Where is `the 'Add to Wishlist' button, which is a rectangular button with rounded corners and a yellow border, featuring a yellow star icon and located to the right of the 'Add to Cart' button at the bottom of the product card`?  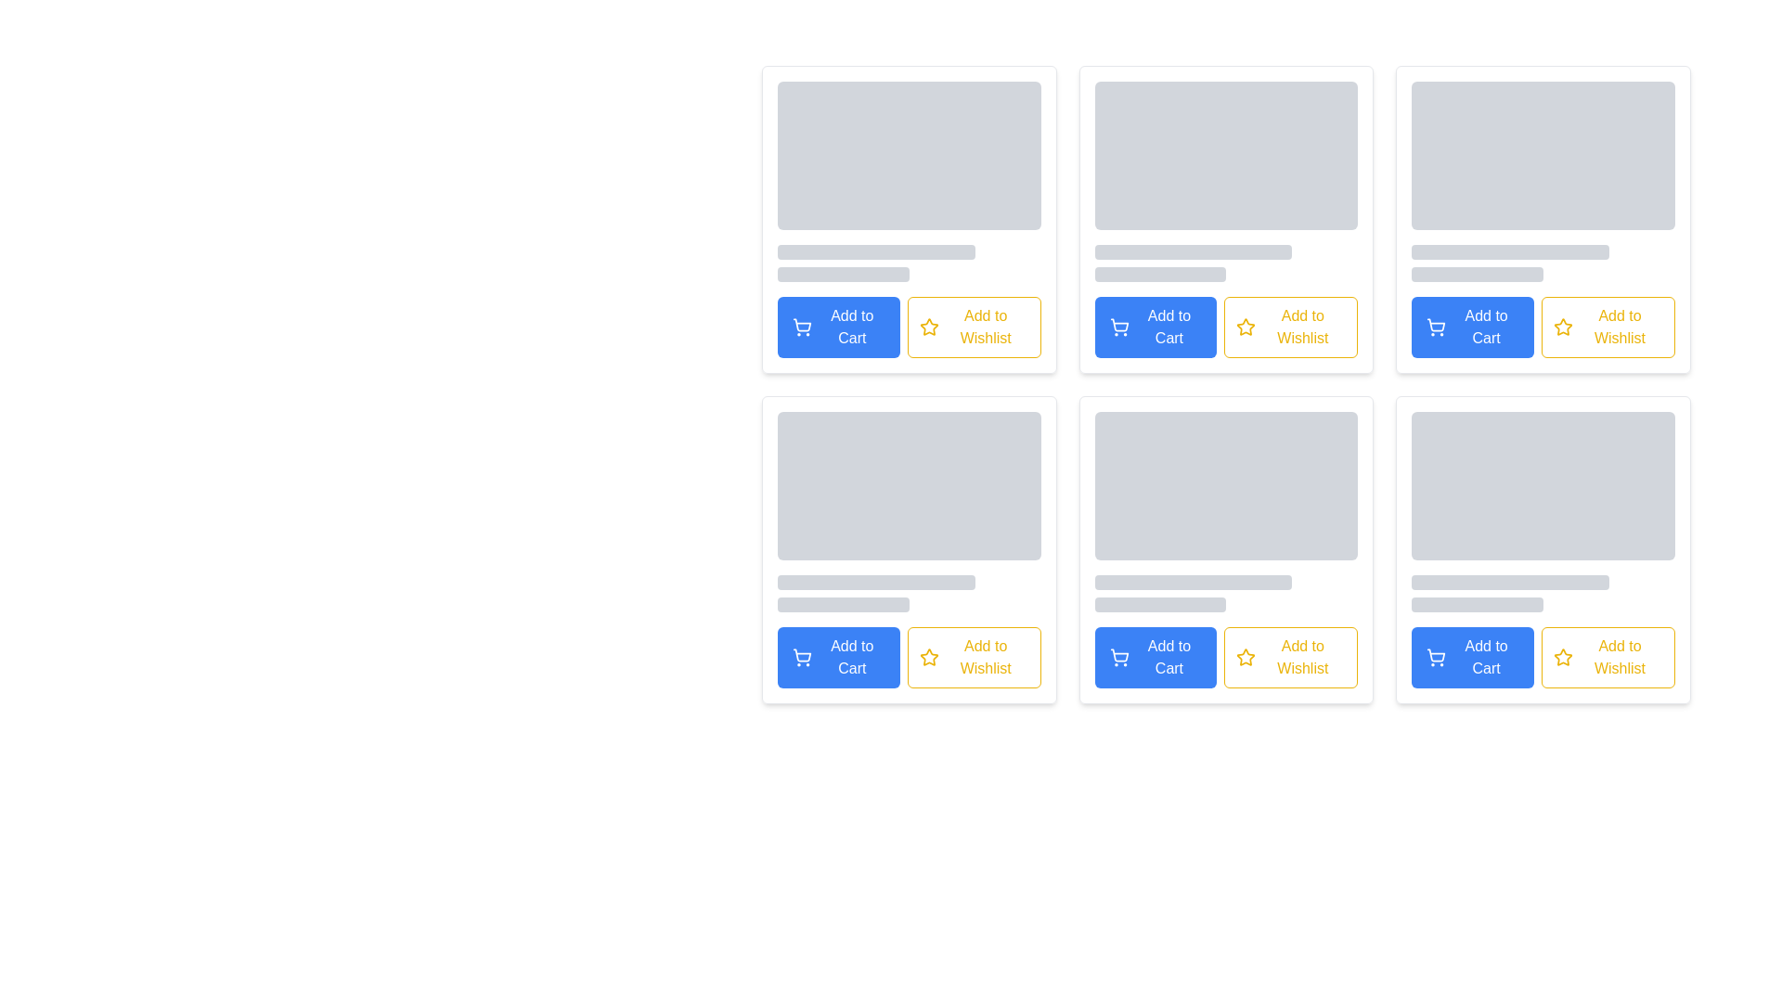 the 'Add to Wishlist' button, which is a rectangular button with rounded corners and a yellow border, featuring a yellow star icon and located to the right of the 'Add to Cart' button at the bottom of the product card is located at coordinates (1290, 327).